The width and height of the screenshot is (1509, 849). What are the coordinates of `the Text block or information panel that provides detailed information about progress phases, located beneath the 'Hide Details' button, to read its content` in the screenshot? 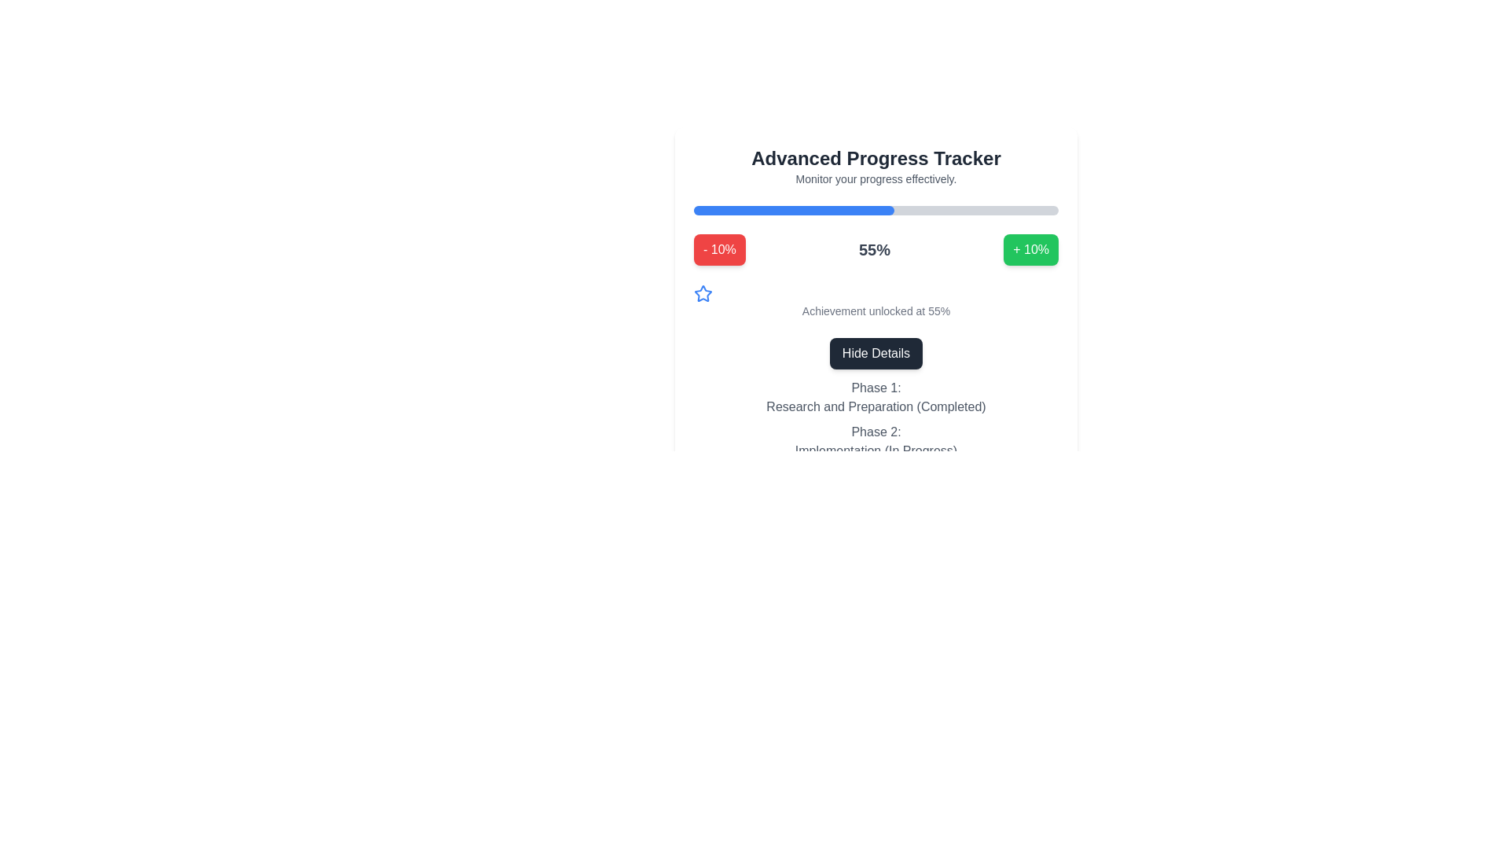 It's located at (875, 421).